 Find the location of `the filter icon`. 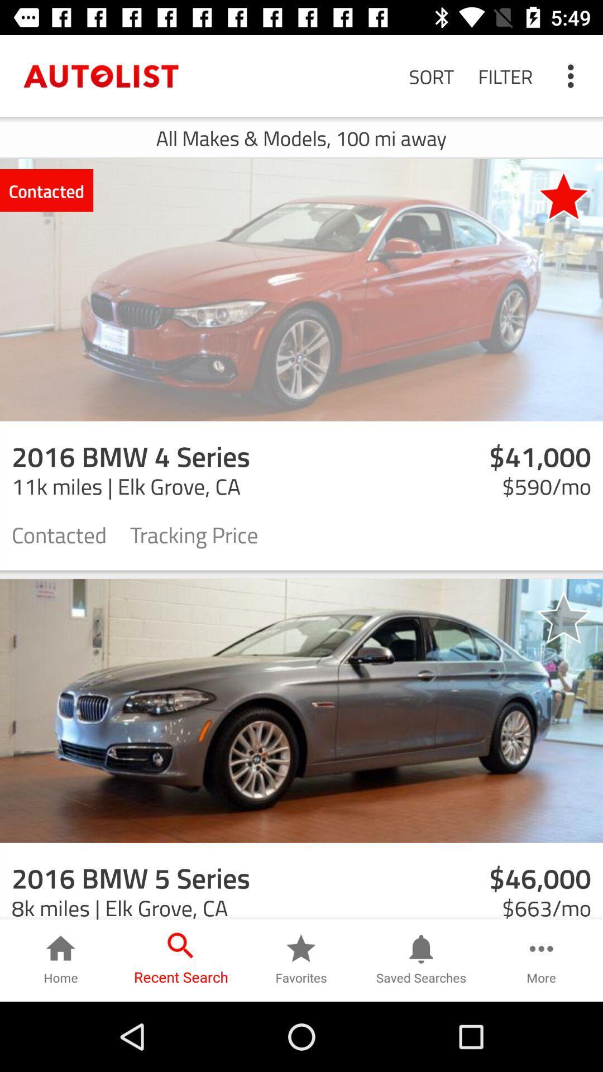

the filter icon is located at coordinates (505, 75).